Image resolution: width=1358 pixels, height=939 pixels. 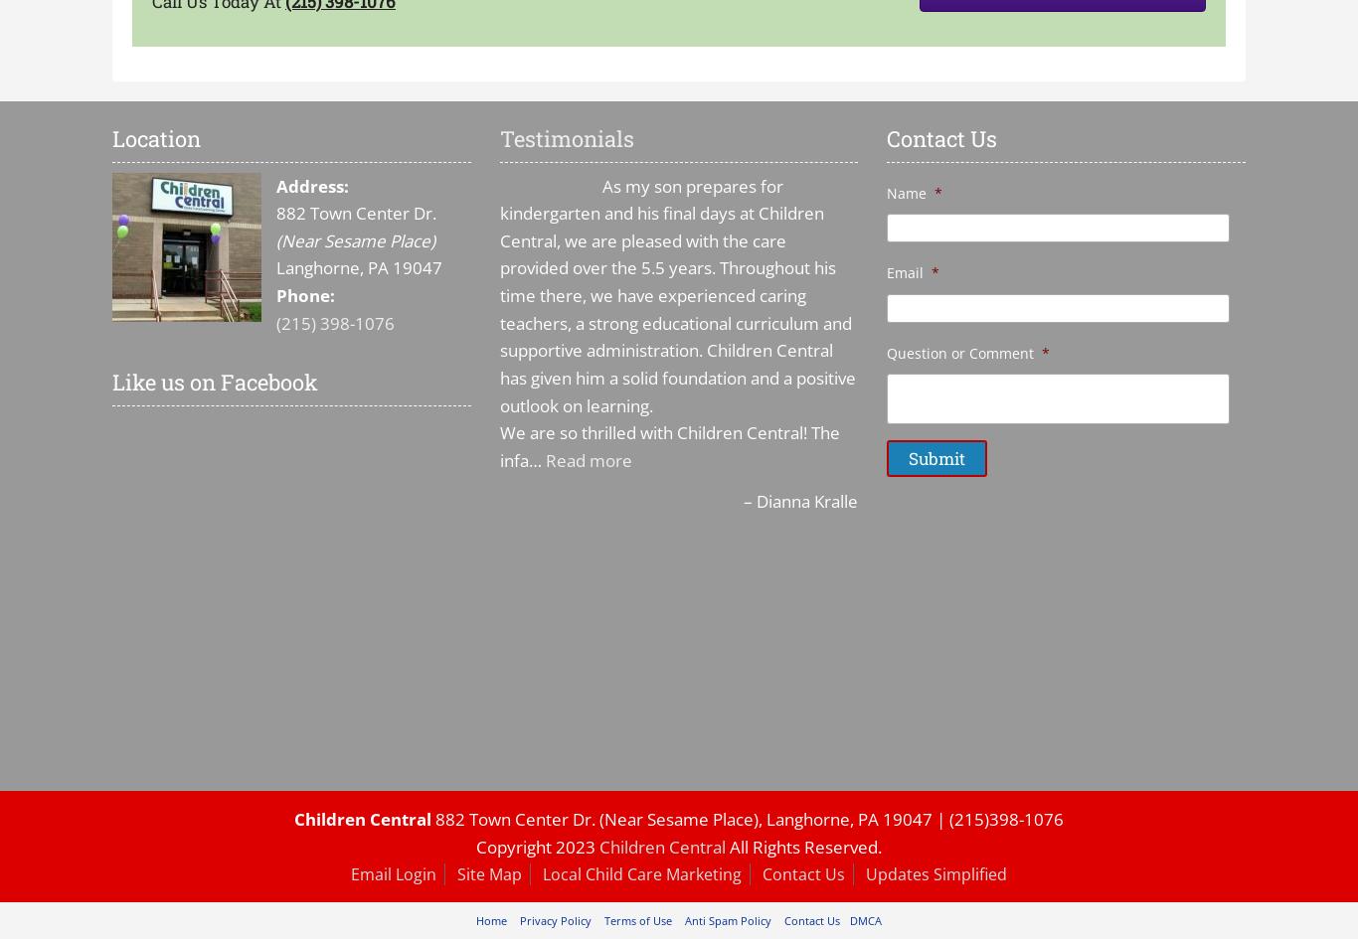 I want to click on 'Like us on Facebook', so click(x=214, y=380).